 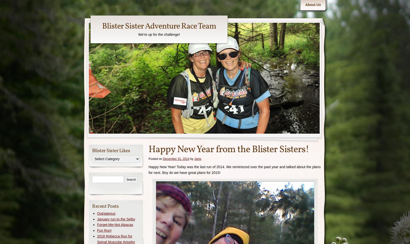 I want to click on 'Main menu', so click(x=308, y=3).